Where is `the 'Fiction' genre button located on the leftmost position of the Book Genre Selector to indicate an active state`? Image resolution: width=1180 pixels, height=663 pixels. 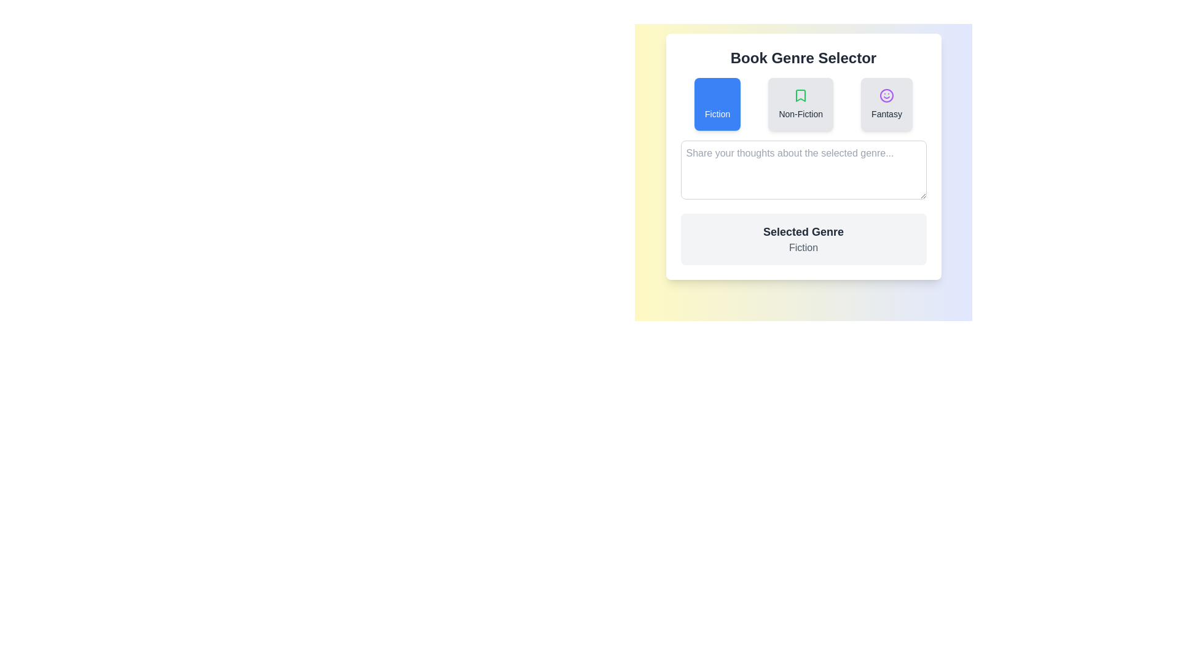 the 'Fiction' genre button located on the leftmost position of the Book Genre Selector to indicate an active state is located at coordinates (717, 103).